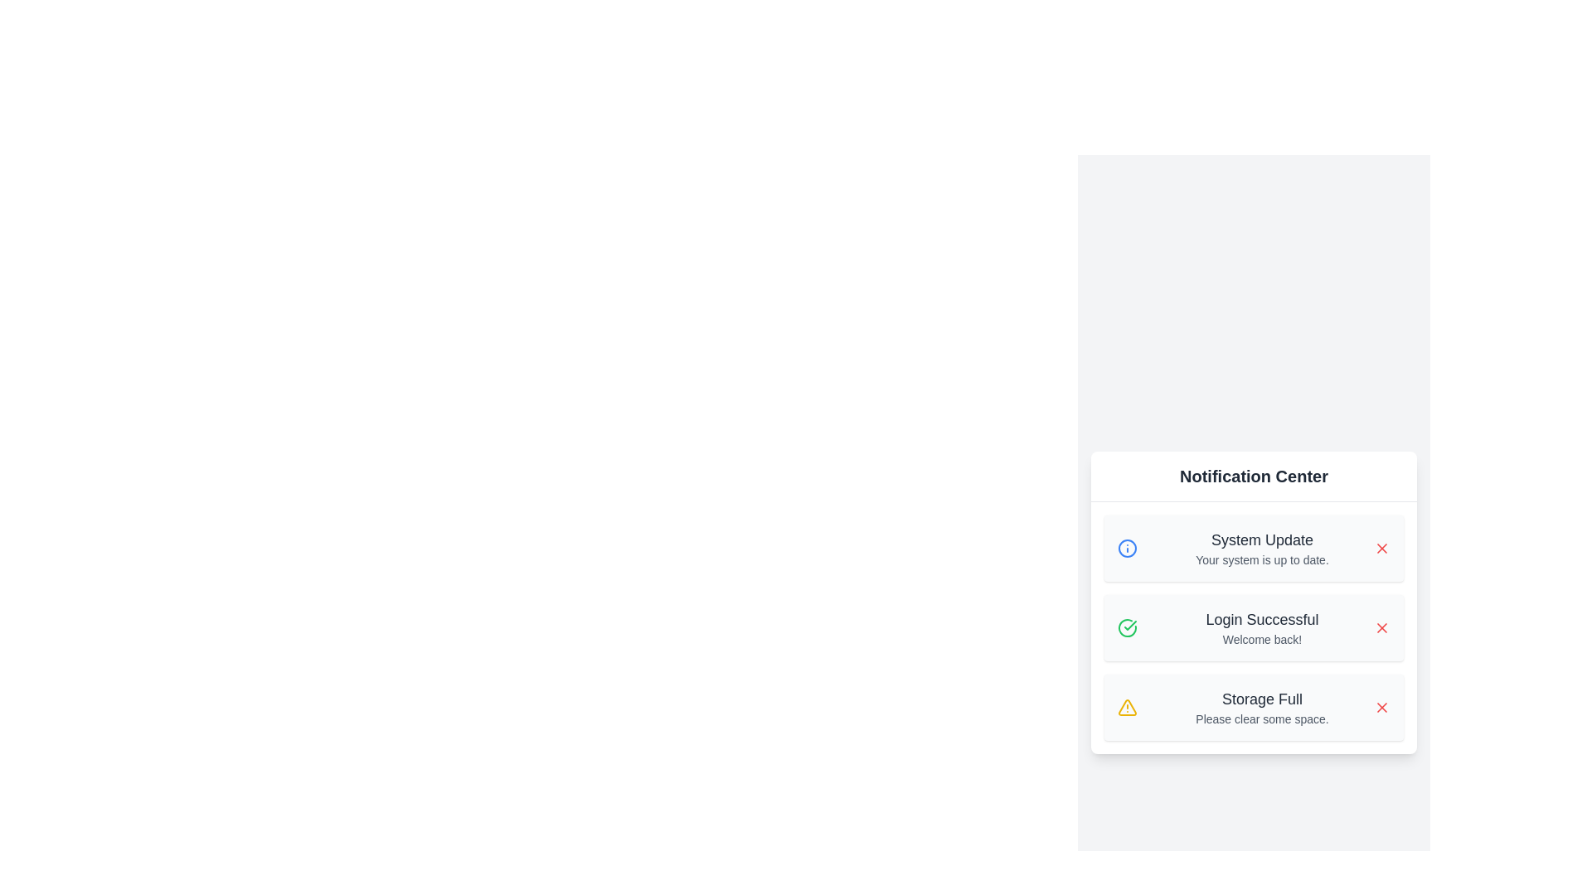 The image size is (1592, 895). I want to click on the informational icon for the 'System Update' notification, which is located in the top-left corner of the notification adjacent to the text 'Your system is up to date.', so click(1127, 548).